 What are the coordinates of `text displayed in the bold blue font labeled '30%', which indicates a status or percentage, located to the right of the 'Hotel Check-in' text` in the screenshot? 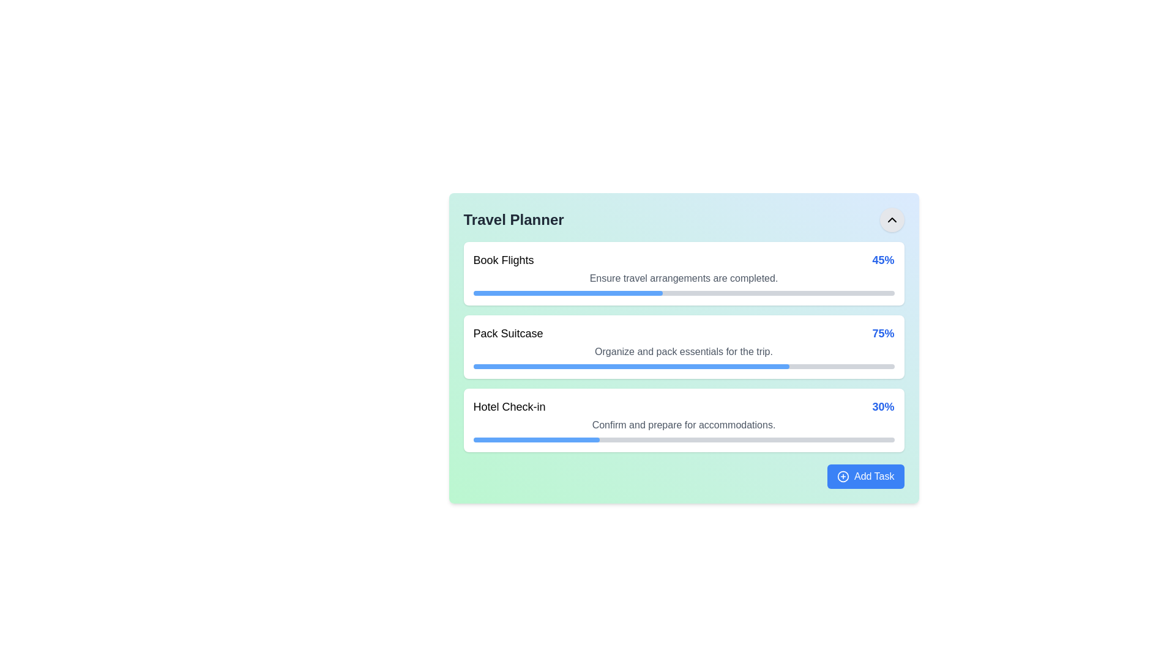 It's located at (883, 407).